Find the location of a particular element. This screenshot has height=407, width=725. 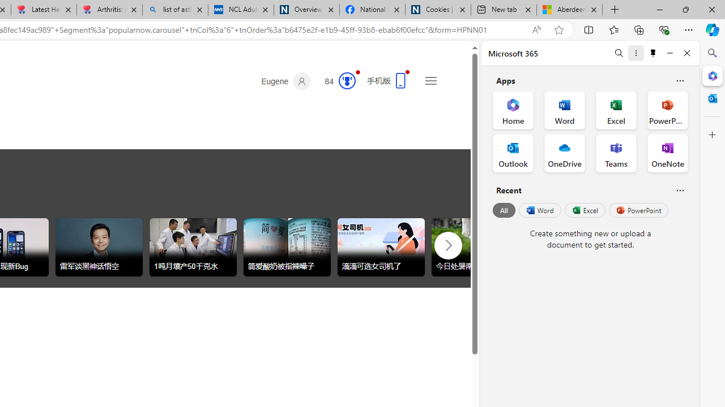

'Unpin side pane' is located at coordinates (653, 53).